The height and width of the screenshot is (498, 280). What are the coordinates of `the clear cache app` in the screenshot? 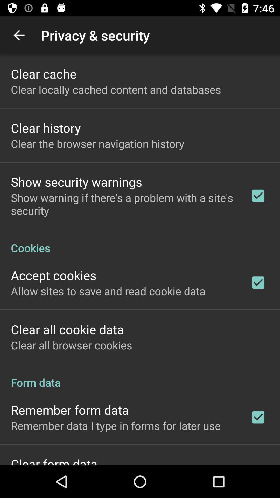 It's located at (43, 73).